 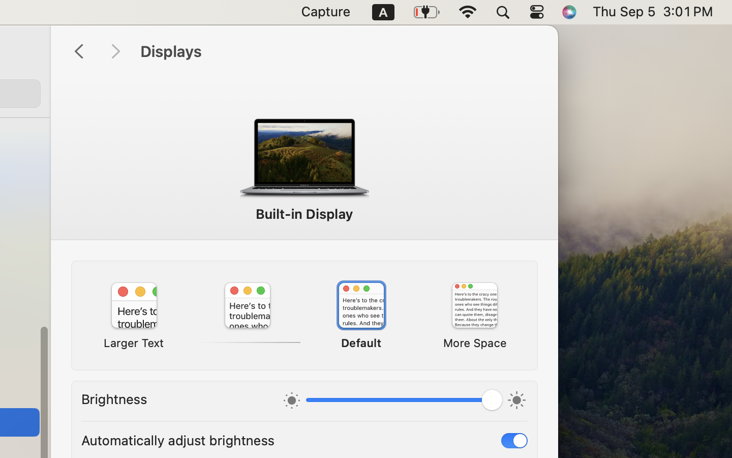 What do you see at coordinates (114, 398) in the screenshot?
I see `'Brightness'` at bounding box center [114, 398].